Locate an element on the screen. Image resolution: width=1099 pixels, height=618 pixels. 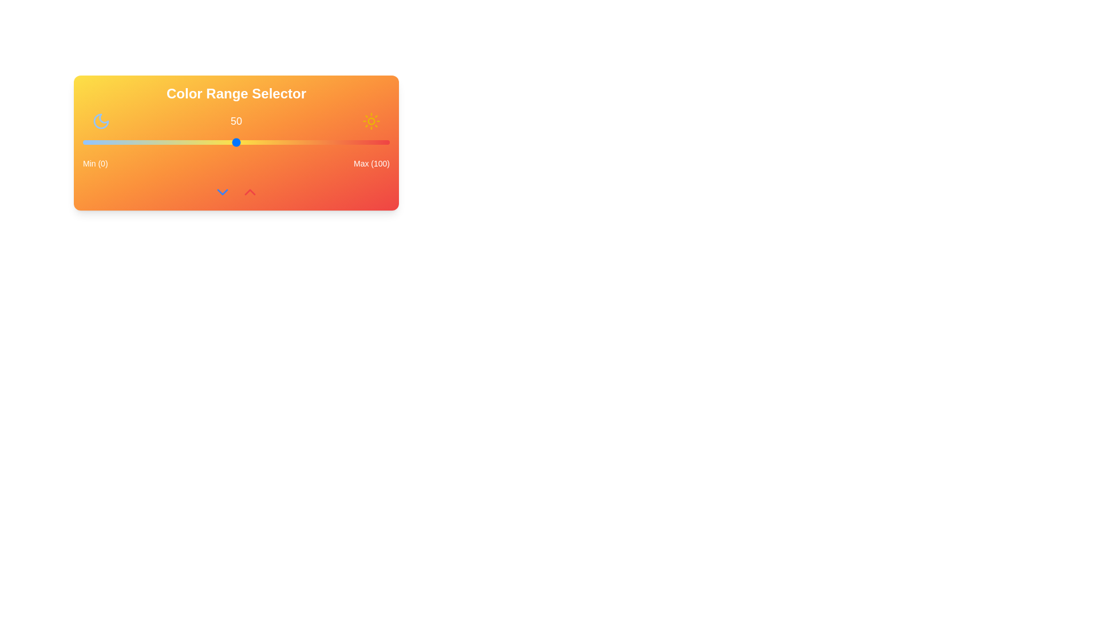
the ChevronUp icon to perform the corresponding action is located at coordinates (249, 191).